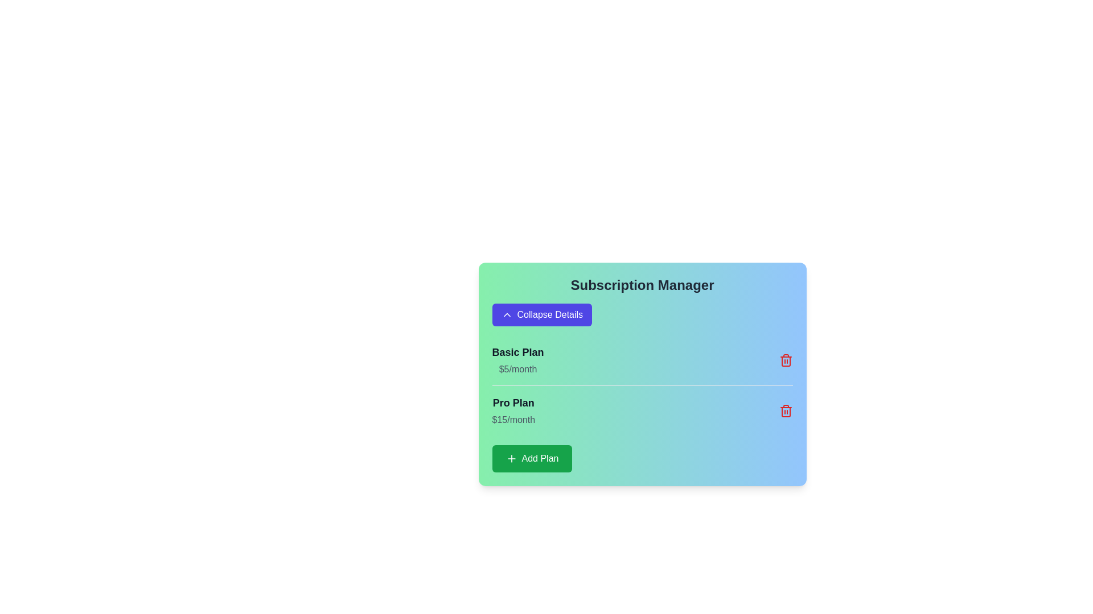  Describe the element at coordinates (506, 315) in the screenshot. I see `the collapse details icon located within the button labeled 'Collapse Details'` at that location.